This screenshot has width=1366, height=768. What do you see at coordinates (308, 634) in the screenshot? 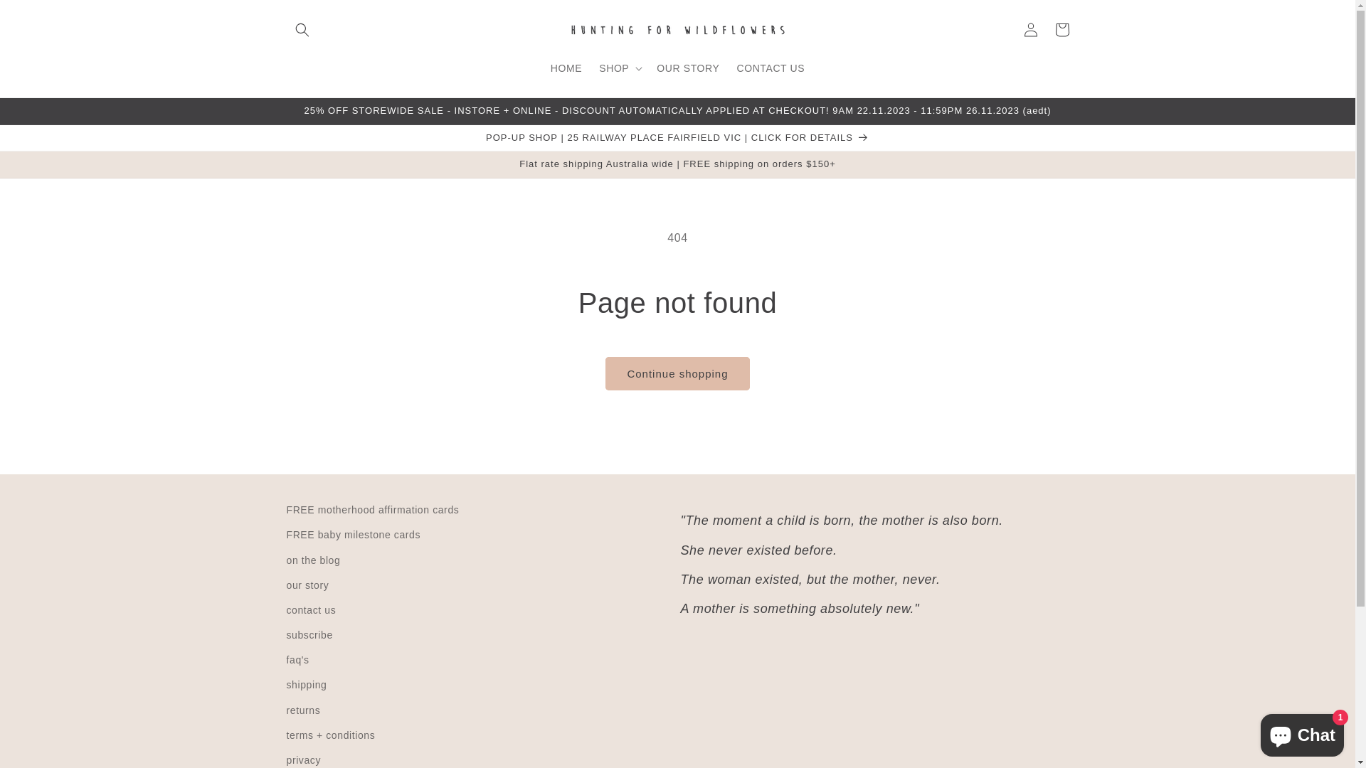
I see `'subscribe'` at bounding box center [308, 634].